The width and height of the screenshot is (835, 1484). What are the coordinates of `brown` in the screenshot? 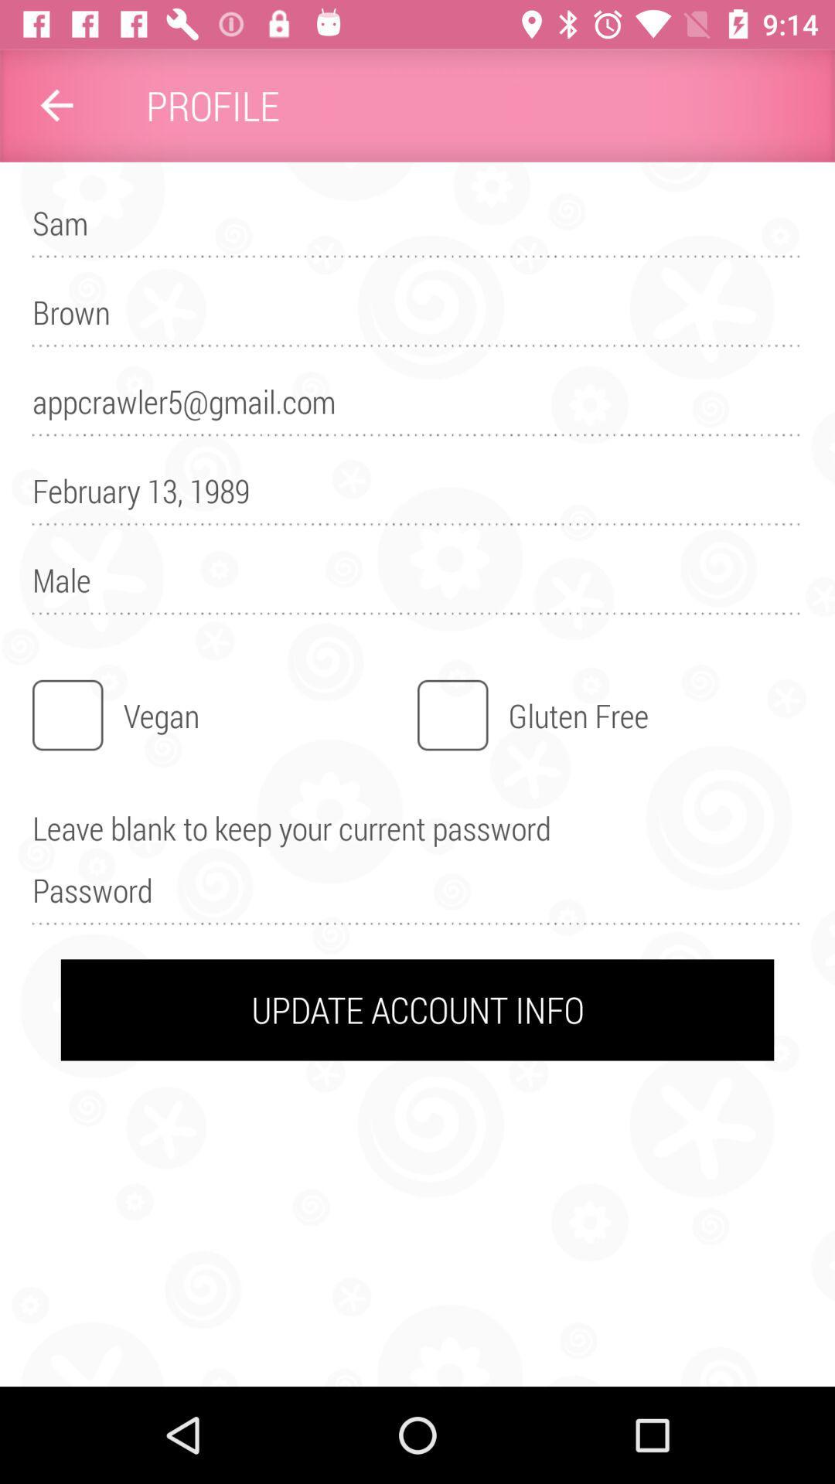 It's located at (417, 318).